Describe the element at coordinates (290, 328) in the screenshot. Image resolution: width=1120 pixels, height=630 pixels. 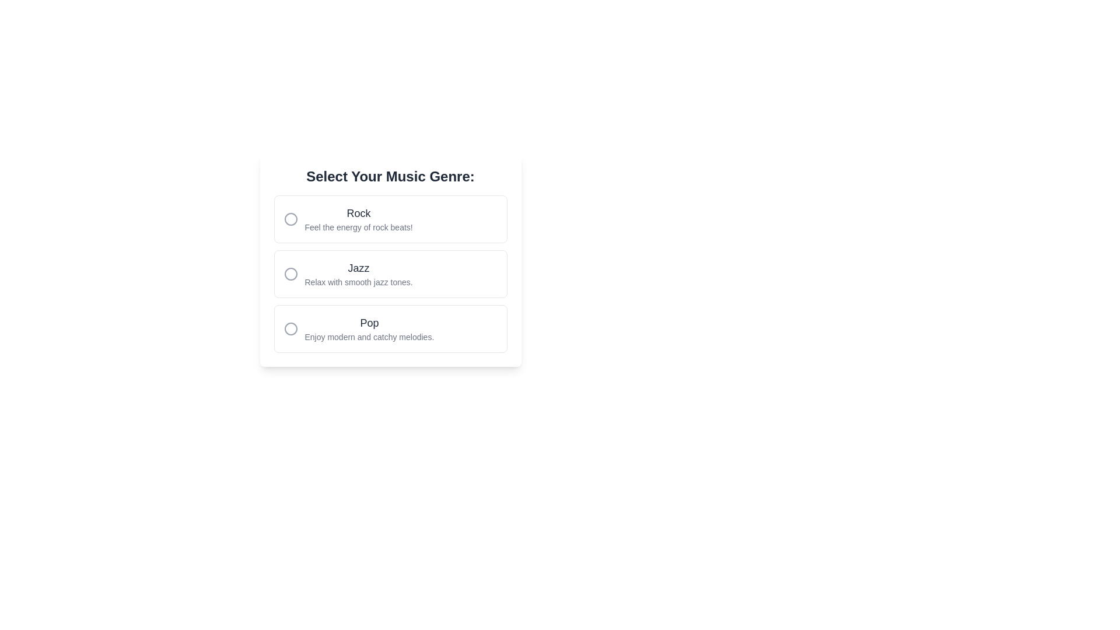
I see `the Circle Graphic Element indicating the unselected state of the 'Pop' option in the radio button area` at that location.